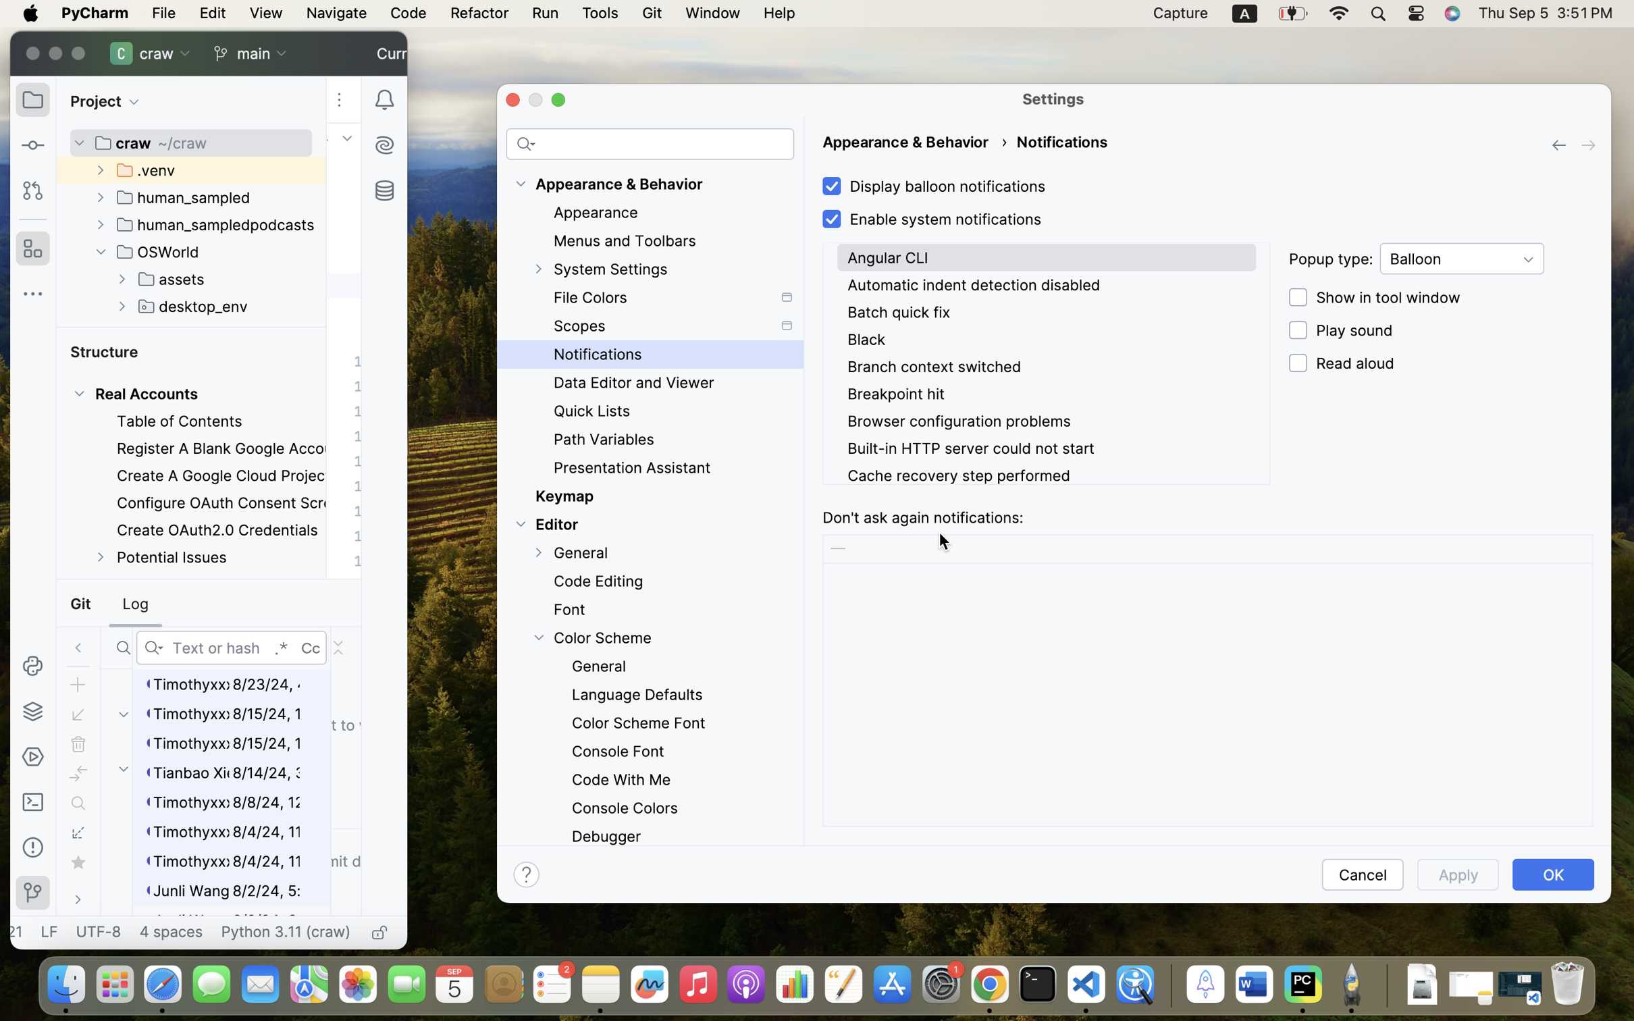  Describe the element at coordinates (1053, 97) in the screenshot. I see `'Settings'` at that location.